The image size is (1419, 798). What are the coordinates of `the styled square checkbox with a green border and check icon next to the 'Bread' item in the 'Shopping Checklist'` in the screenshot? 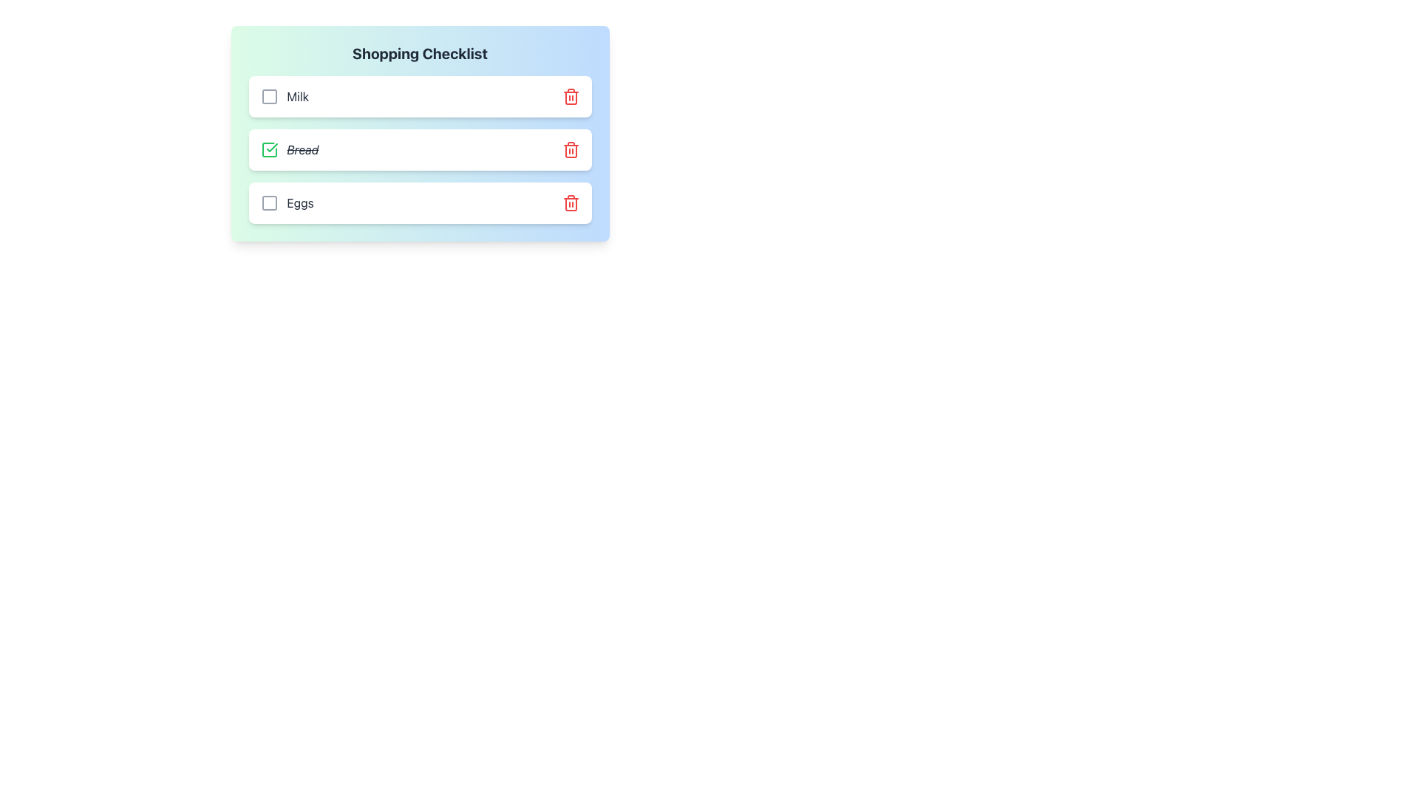 It's located at (269, 150).